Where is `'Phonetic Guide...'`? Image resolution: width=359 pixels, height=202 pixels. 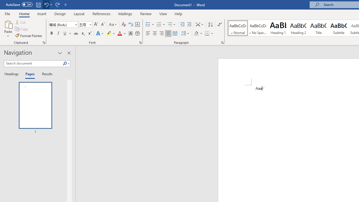
'Phonetic Guide...' is located at coordinates (130, 24).